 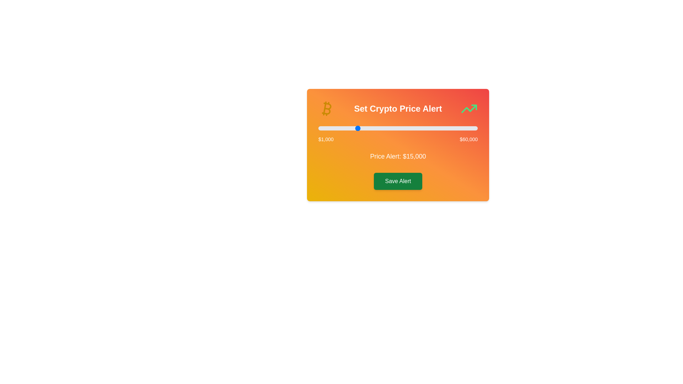 What do you see at coordinates (394, 128) in the screenshot?
I see `the slider to set the alert value to 29158` at bounding box center [394, 128].